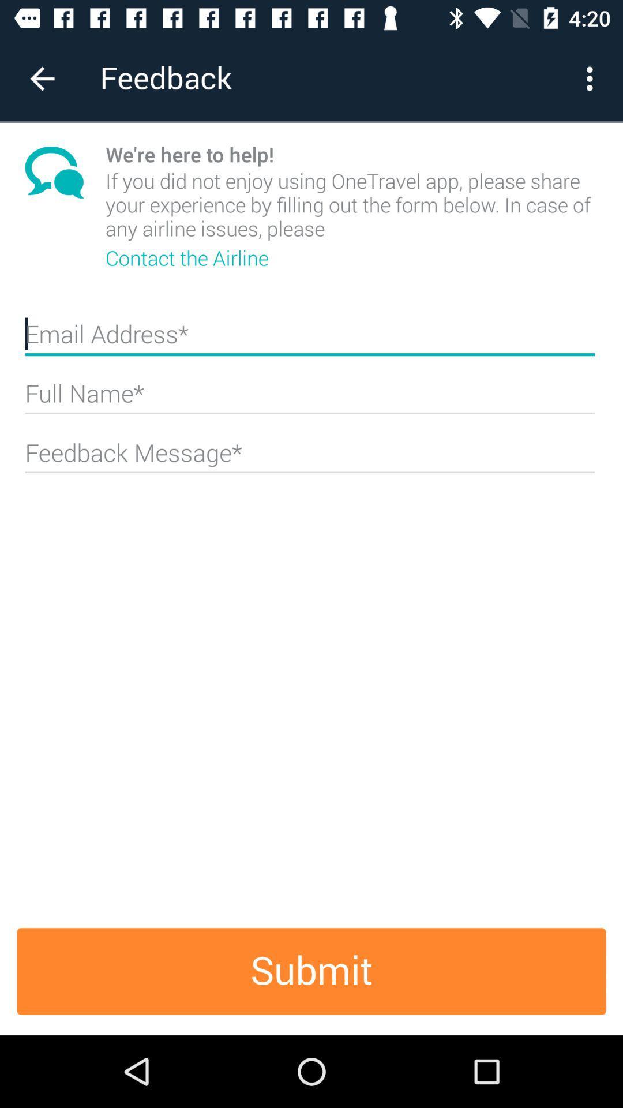  I want to click on item to the right of feedback icon, so click(592, 78).